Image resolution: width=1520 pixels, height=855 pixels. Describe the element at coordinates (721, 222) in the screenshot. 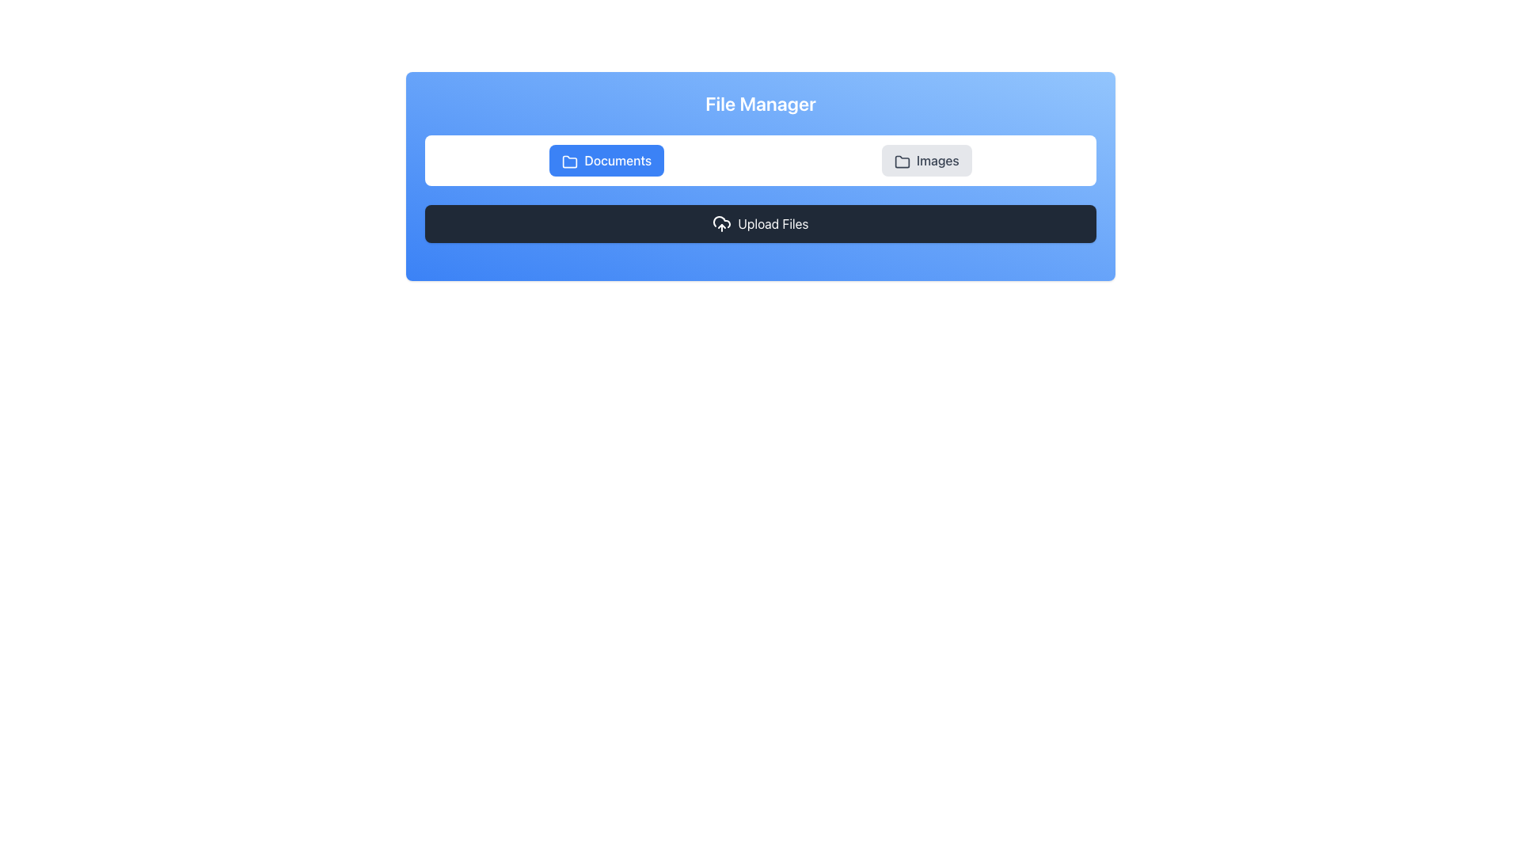

I see `the cloud-upload icon component of the 'Upload Files' button, which visually represents the upload functionality` at that location.